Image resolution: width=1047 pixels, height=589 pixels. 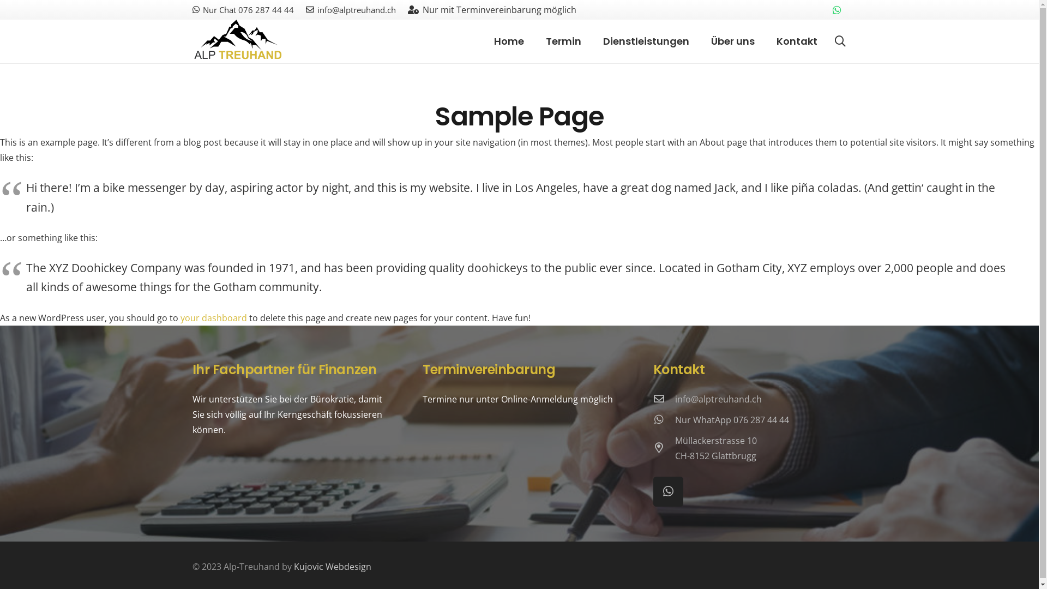 What do you see at coordinates (242, 10) in the screenshot?
I see `'Nur Chat 076 287 44 44'` at bounding box center [242, 10].